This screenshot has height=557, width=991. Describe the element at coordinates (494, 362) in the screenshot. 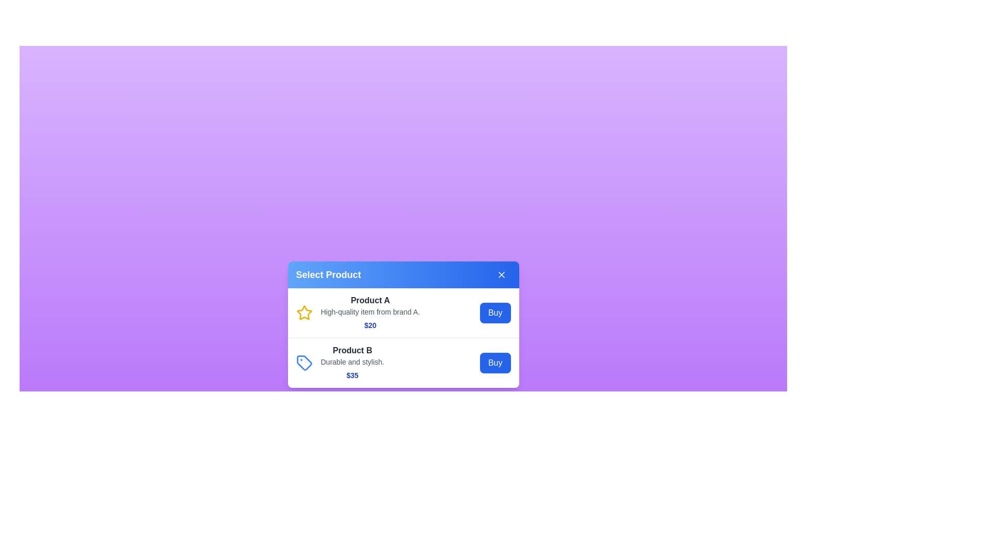

I see `Buy button for Product B` at that location.